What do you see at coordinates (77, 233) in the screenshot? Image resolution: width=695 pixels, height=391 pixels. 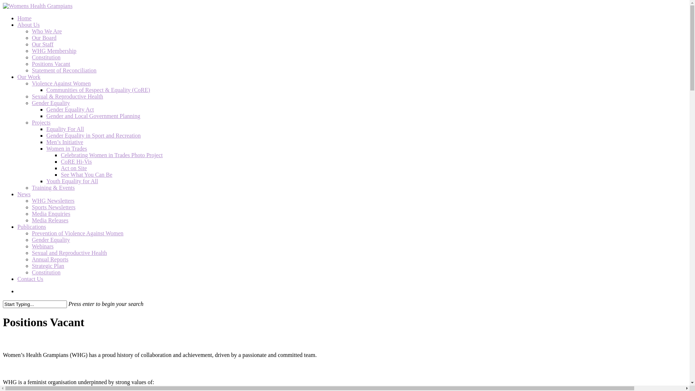 I see `'Prevention of Violence Against Women'` at bounding box center [77, 233].